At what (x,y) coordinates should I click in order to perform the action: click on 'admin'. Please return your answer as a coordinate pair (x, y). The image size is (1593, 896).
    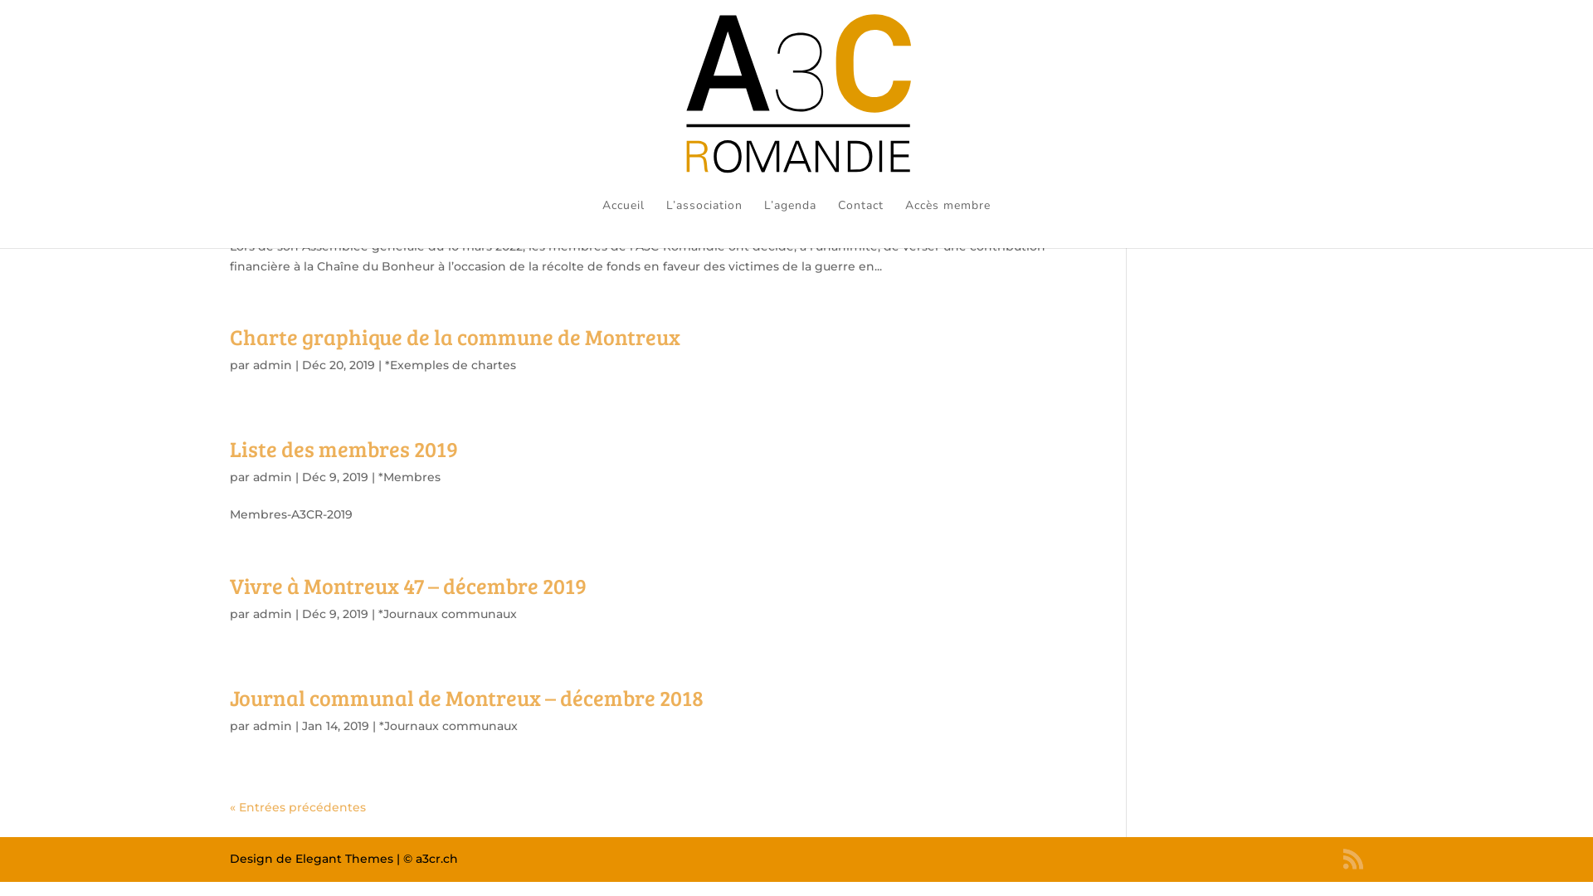
    Looking at the image, I should click on (272, 476).